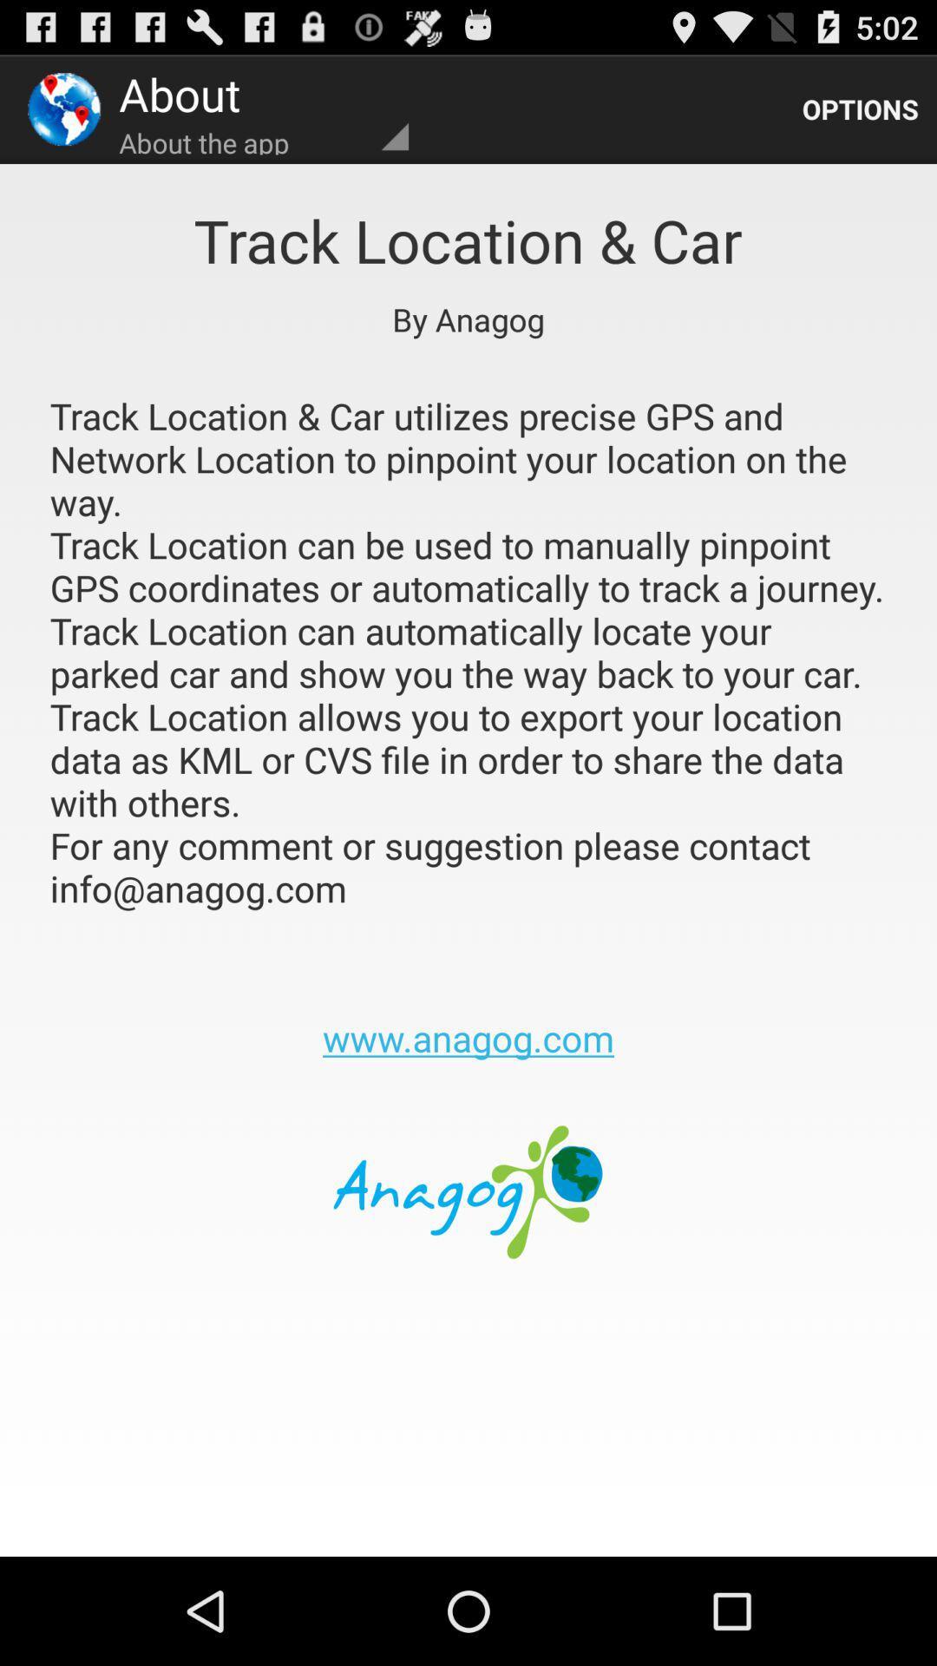 This screenshot has height=1666, width=937. I want to click on the app to the right of about the app icon, so click(860, 108).